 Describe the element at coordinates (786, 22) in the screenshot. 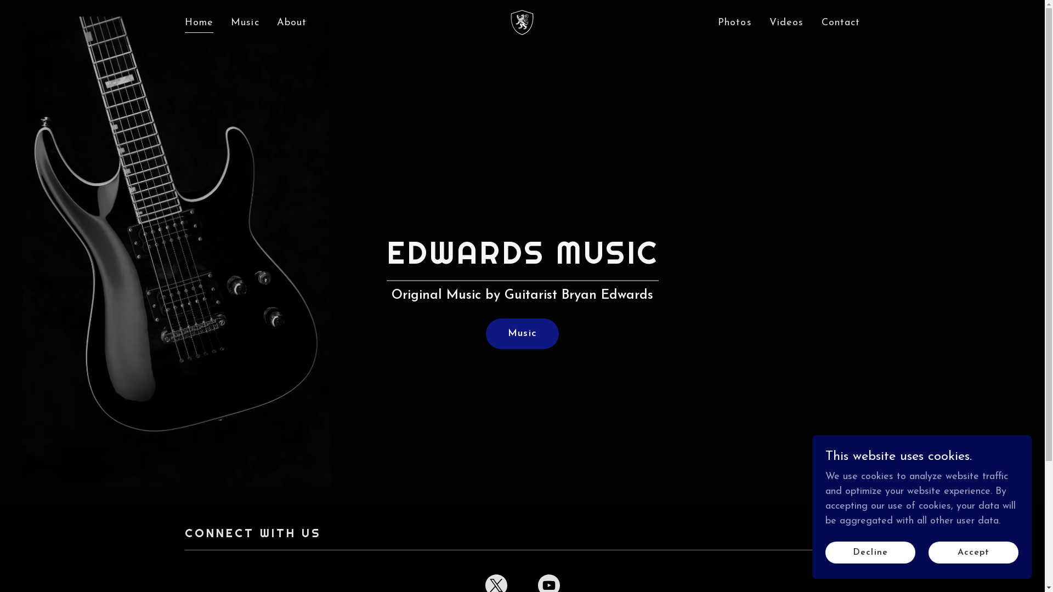

I see `'Videos'` at that location.